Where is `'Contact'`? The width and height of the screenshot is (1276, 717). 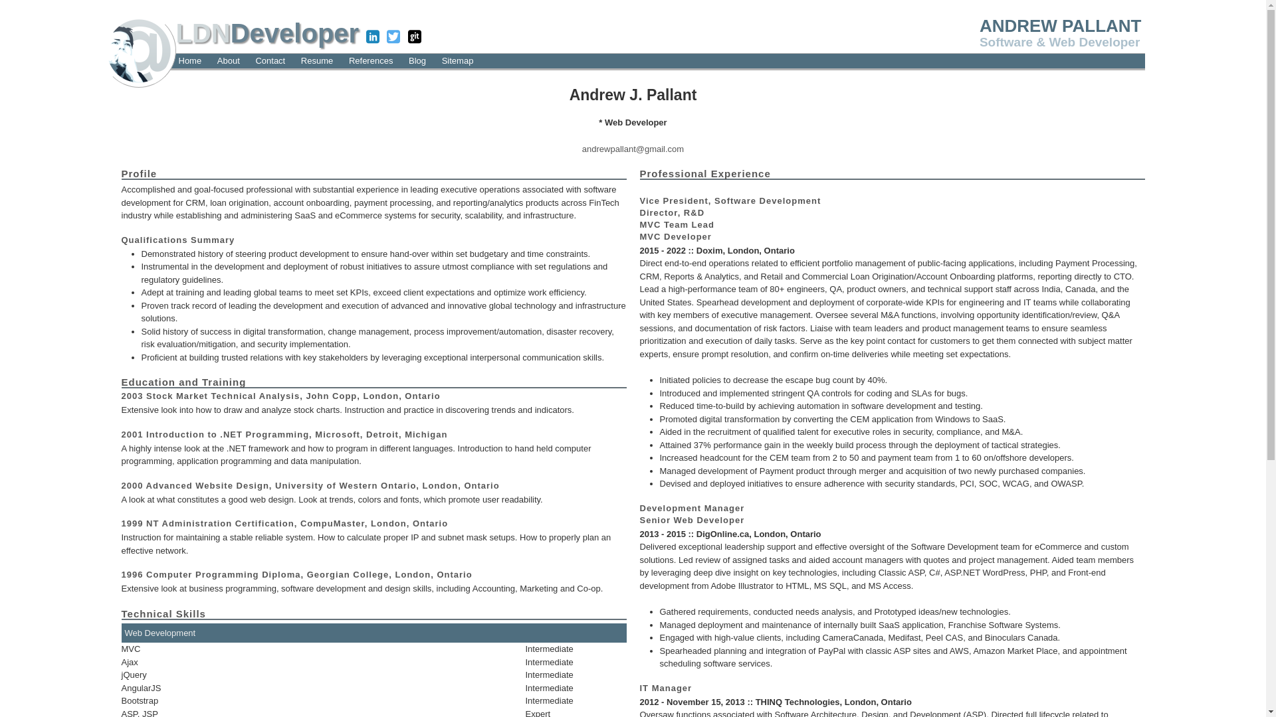 'Contact' is located at coordinates (252, 60).